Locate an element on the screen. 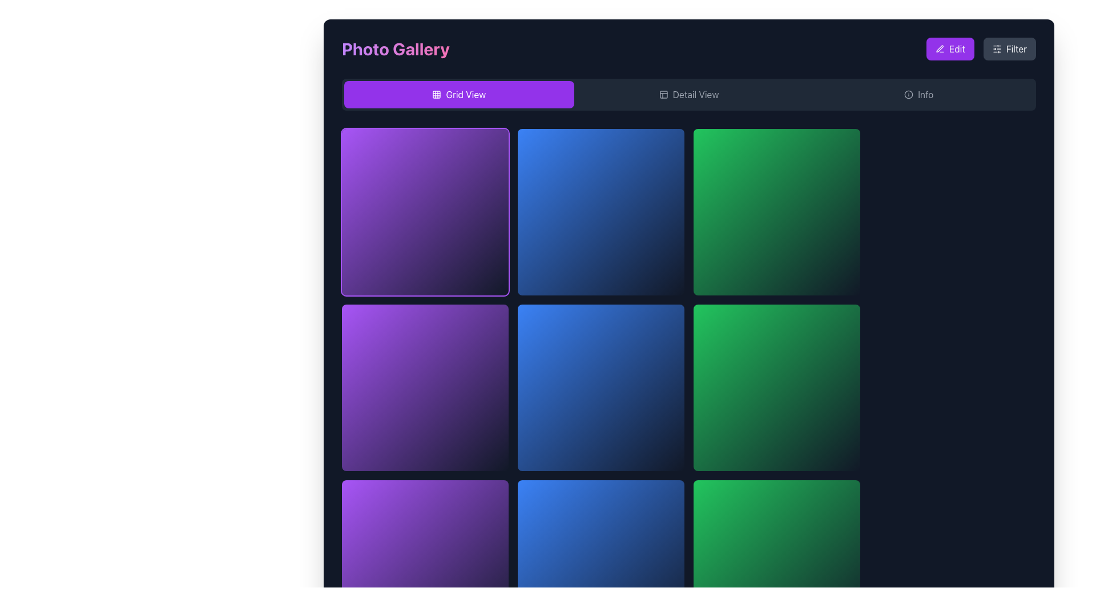 The width and height of the screenshot is (1096, 616). the rounded square element located in the top-left corner of a 3x3 grid icon in the top bar, adjacent to a purple-highlighted button for grid view is located at coordinates (436, 94).